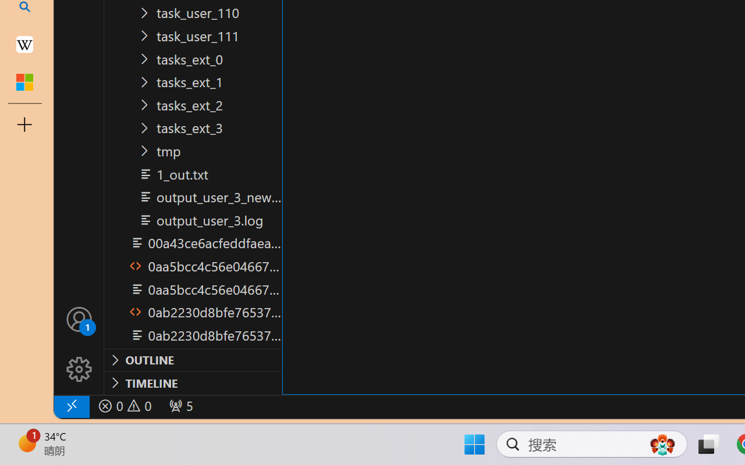 The height and width of the screenshot is (465, 745). Describe the element at coordinates (193, 360) in the screenshot. I see `'Outline Section'` at that location.